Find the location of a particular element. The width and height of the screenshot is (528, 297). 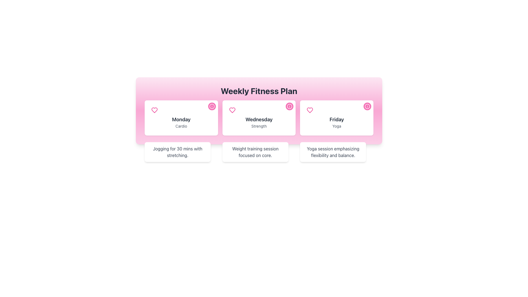

the informational block titled 'Weekly Fitness Plan' with a pink gradient background and rounded corners is located at coordinates (258, 111).